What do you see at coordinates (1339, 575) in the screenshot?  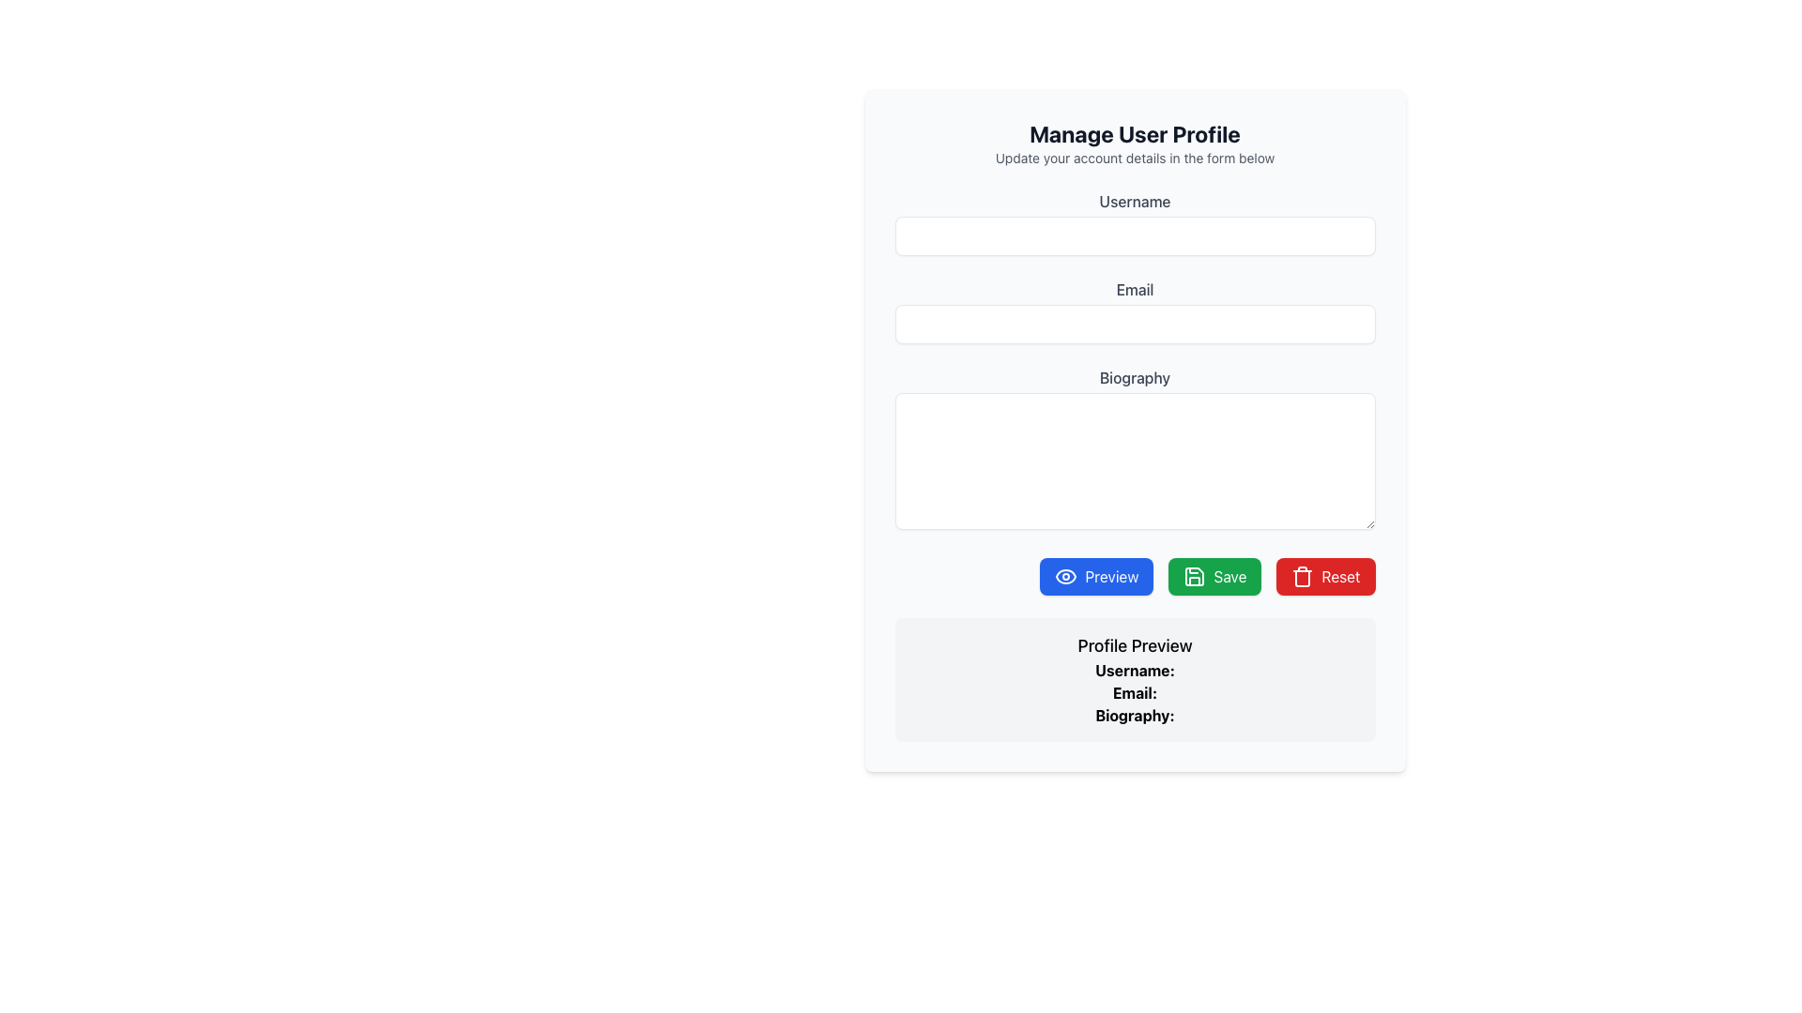 I see `the prominent red 'Reset' button with white text located at the bottom-right of the button group to reset inputs` at bounding box center [1339, 575].